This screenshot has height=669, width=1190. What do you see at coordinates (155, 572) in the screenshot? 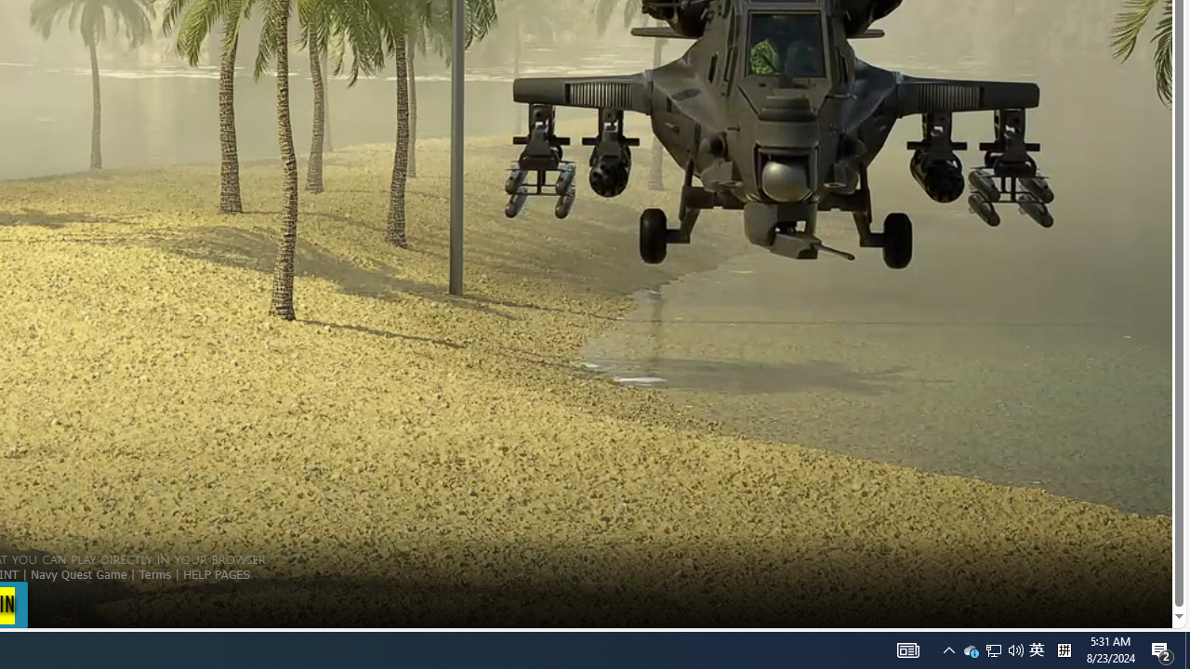
I see `'Terms'` at bounding box center [155, 572].